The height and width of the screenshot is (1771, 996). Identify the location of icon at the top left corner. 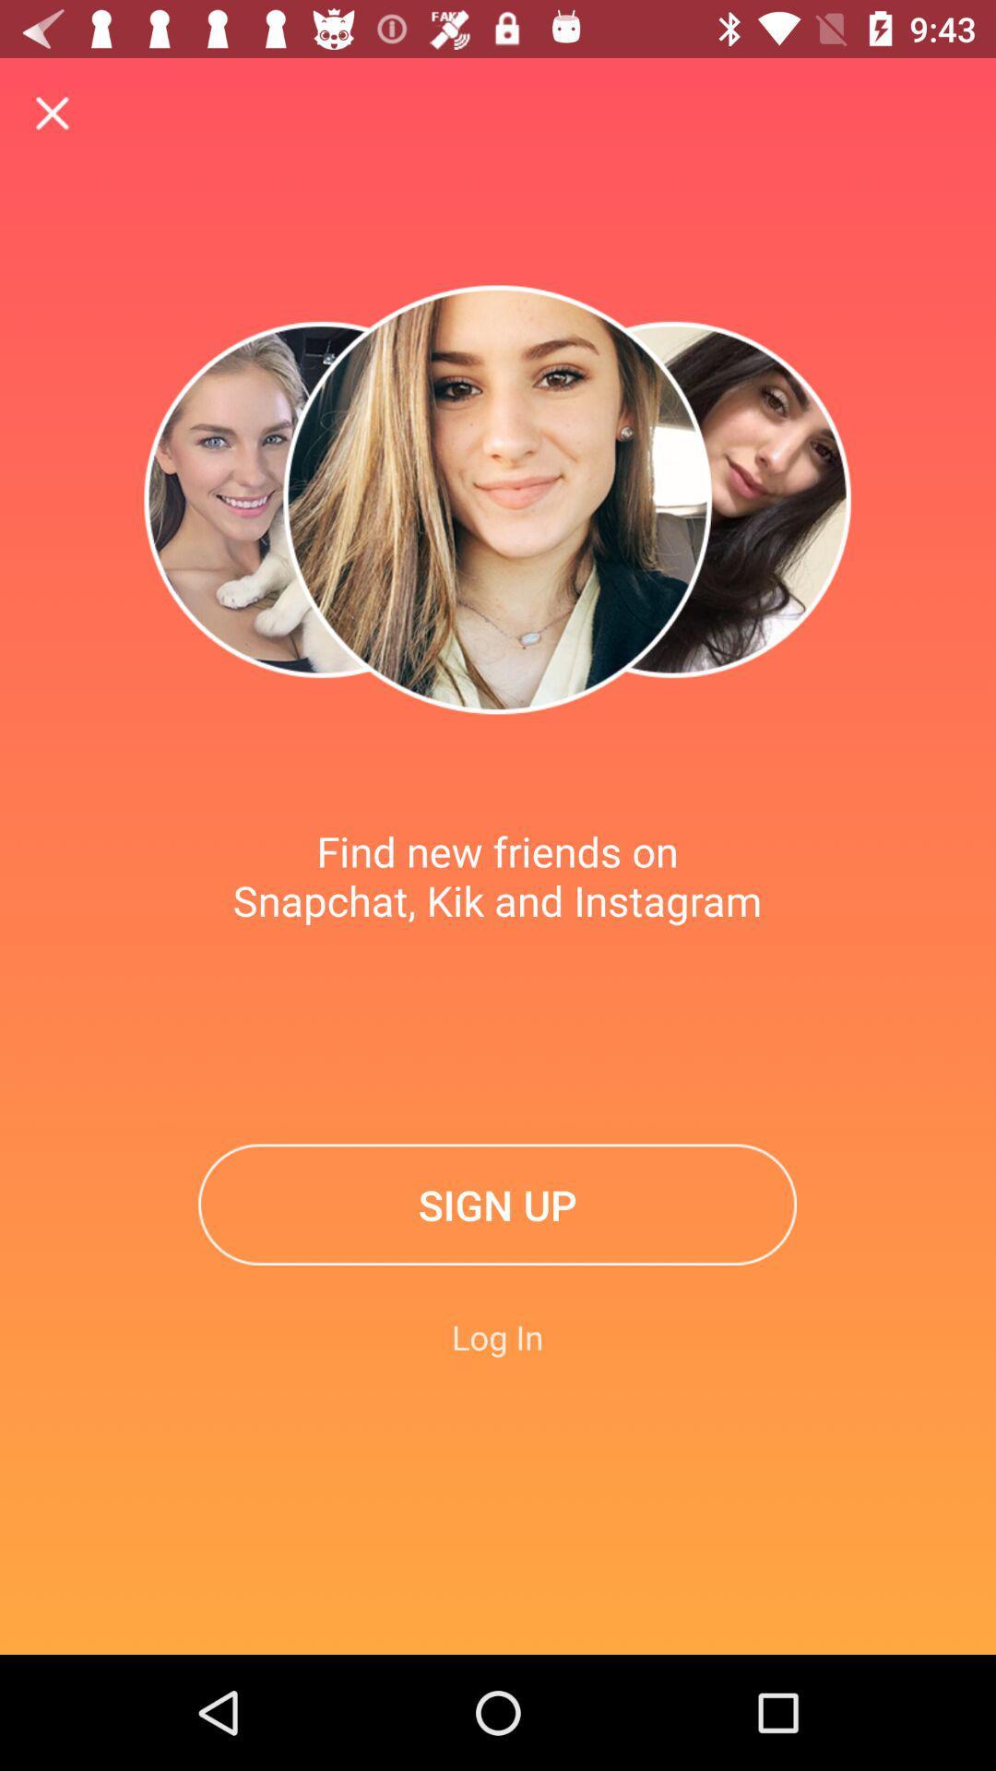
(52, 113).